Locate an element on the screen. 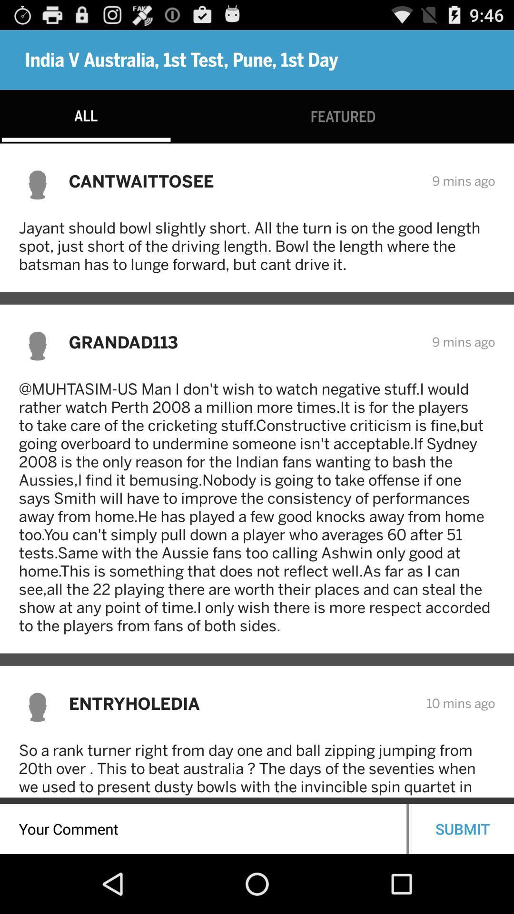  icon above the cantwaittosee icon is located at coordinates (343, 116).